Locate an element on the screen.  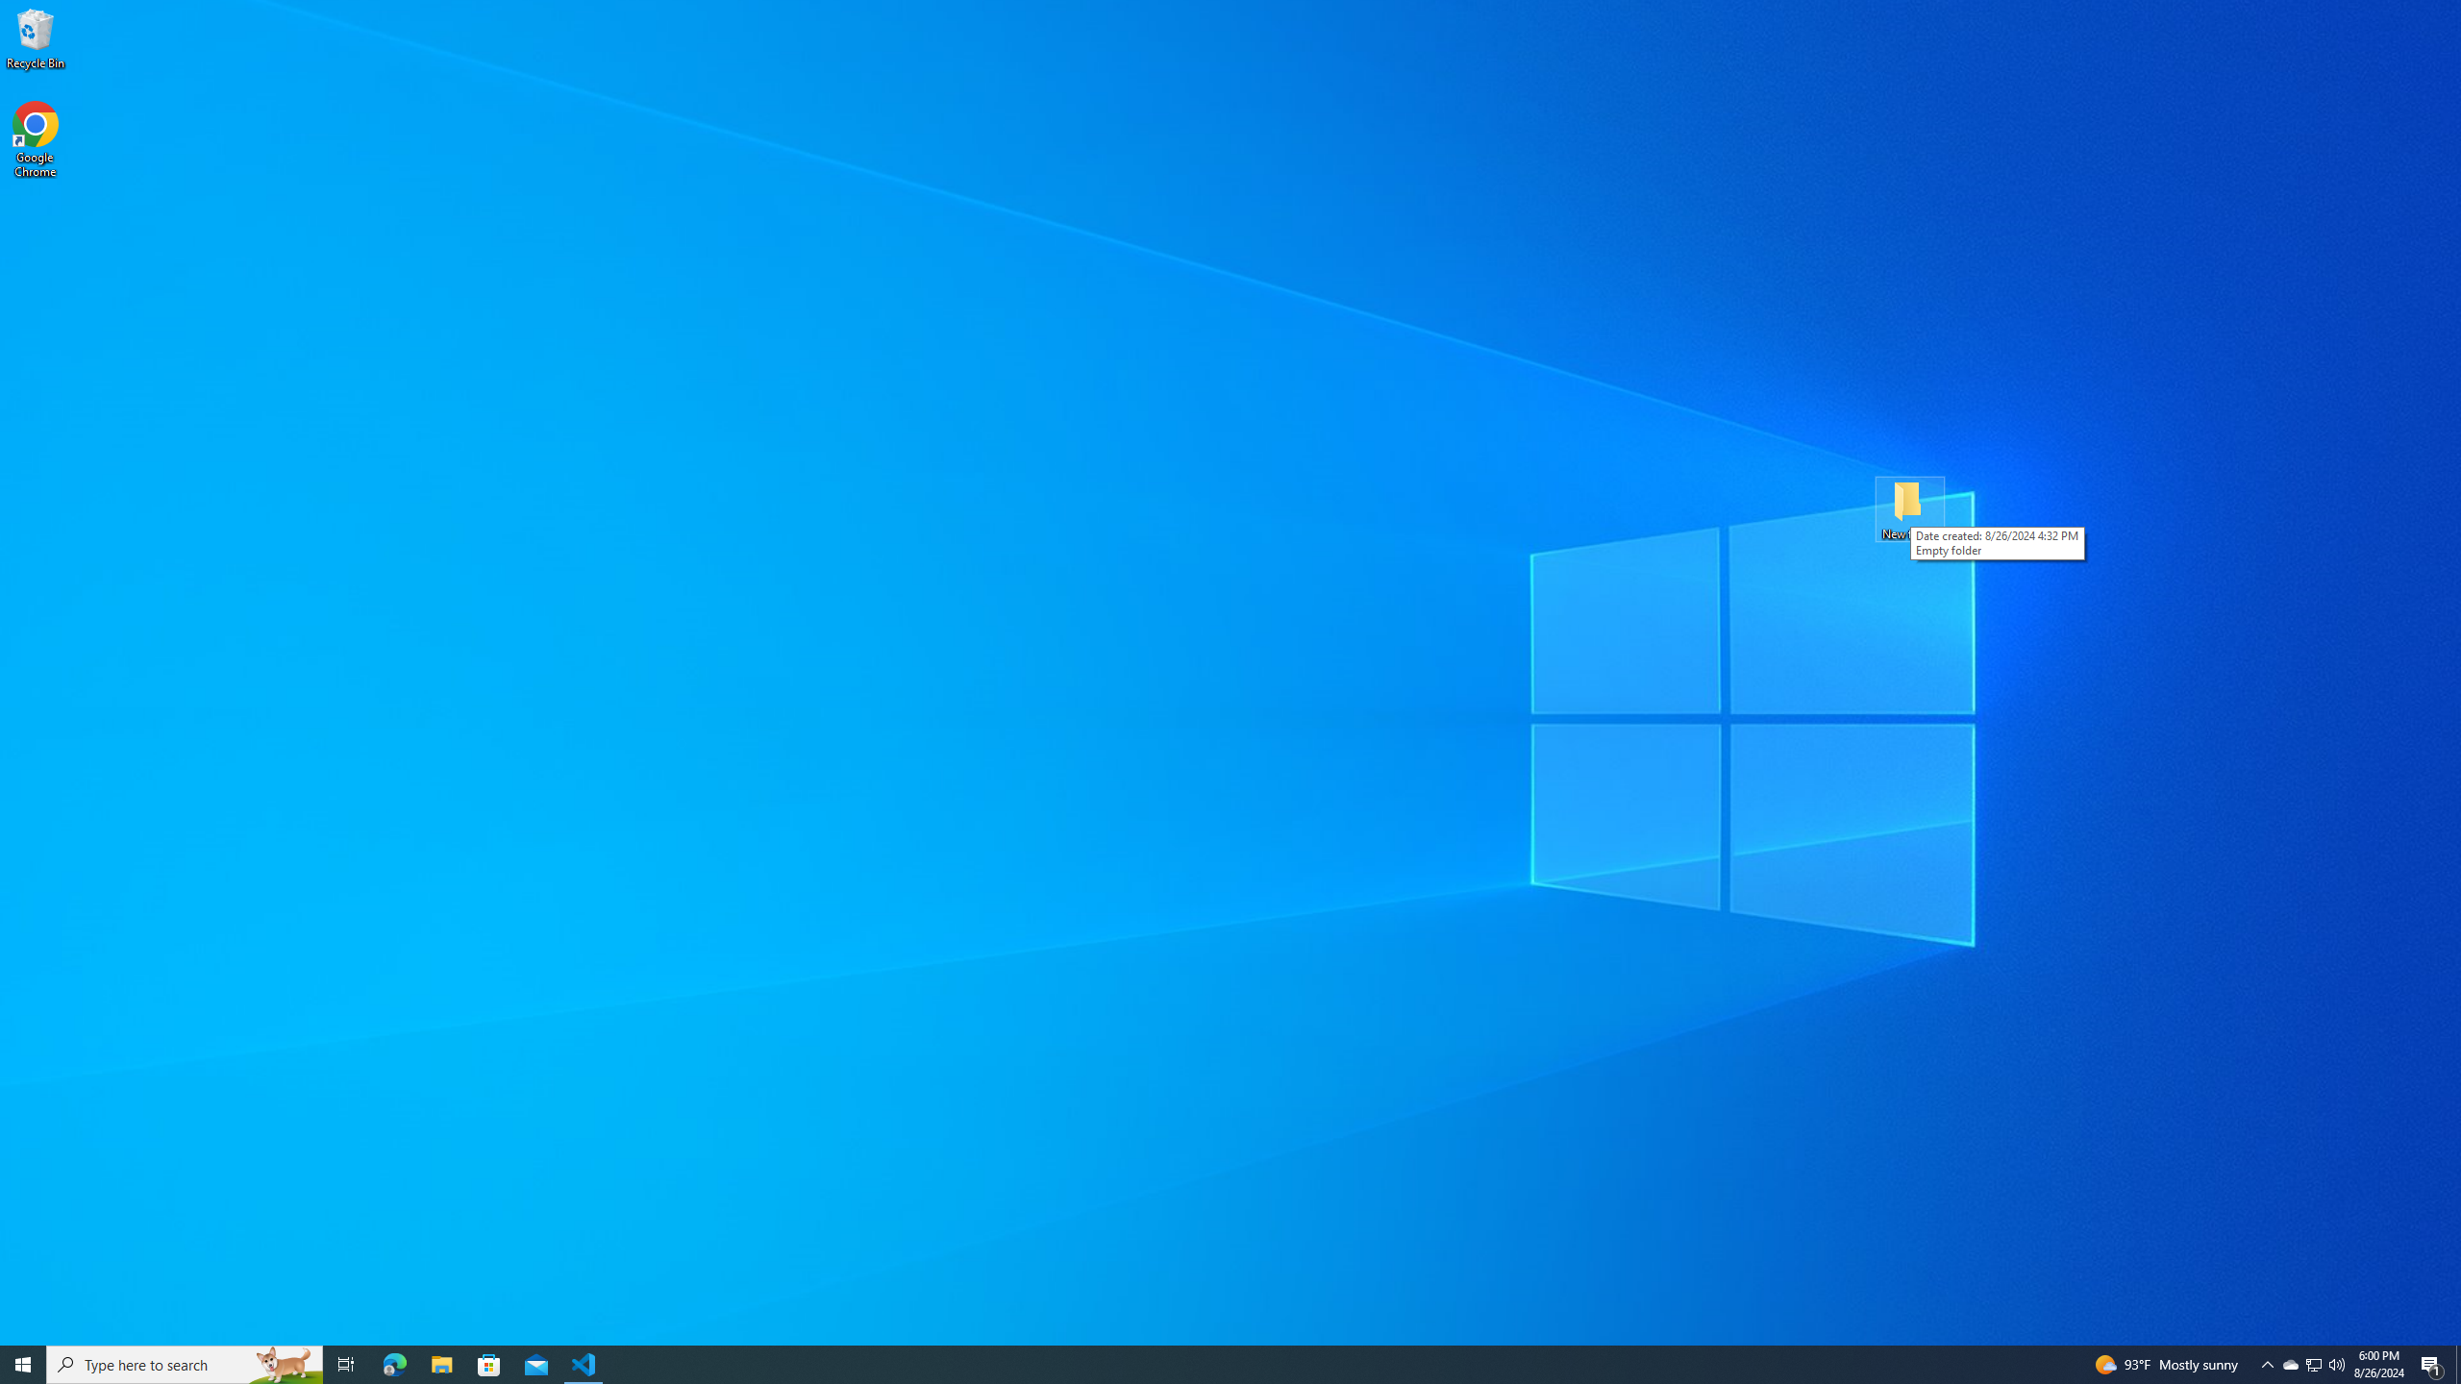
'New folder' is located at coordinates (1909, 507).